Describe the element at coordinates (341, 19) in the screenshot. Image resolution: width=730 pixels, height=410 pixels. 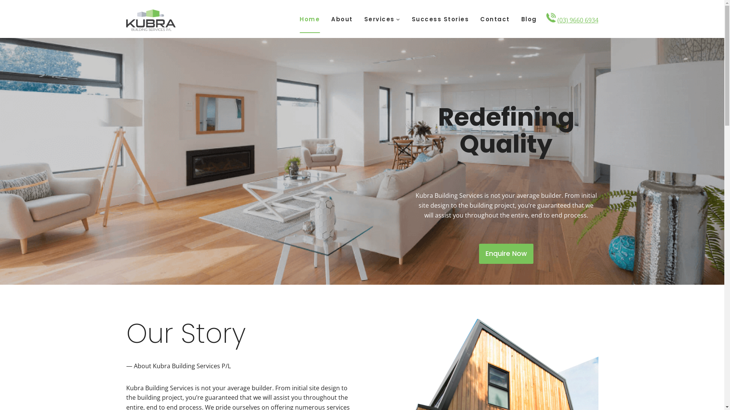
I see `'About'` at that location.